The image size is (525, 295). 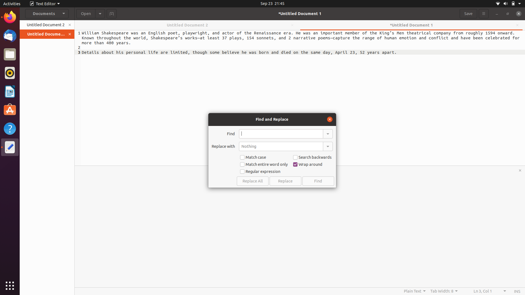 What do you see at coordinates (281, 134) in the screenshot?
I see `In the document, find occurrences of "shakespeare` at bounding box center [281, 134].